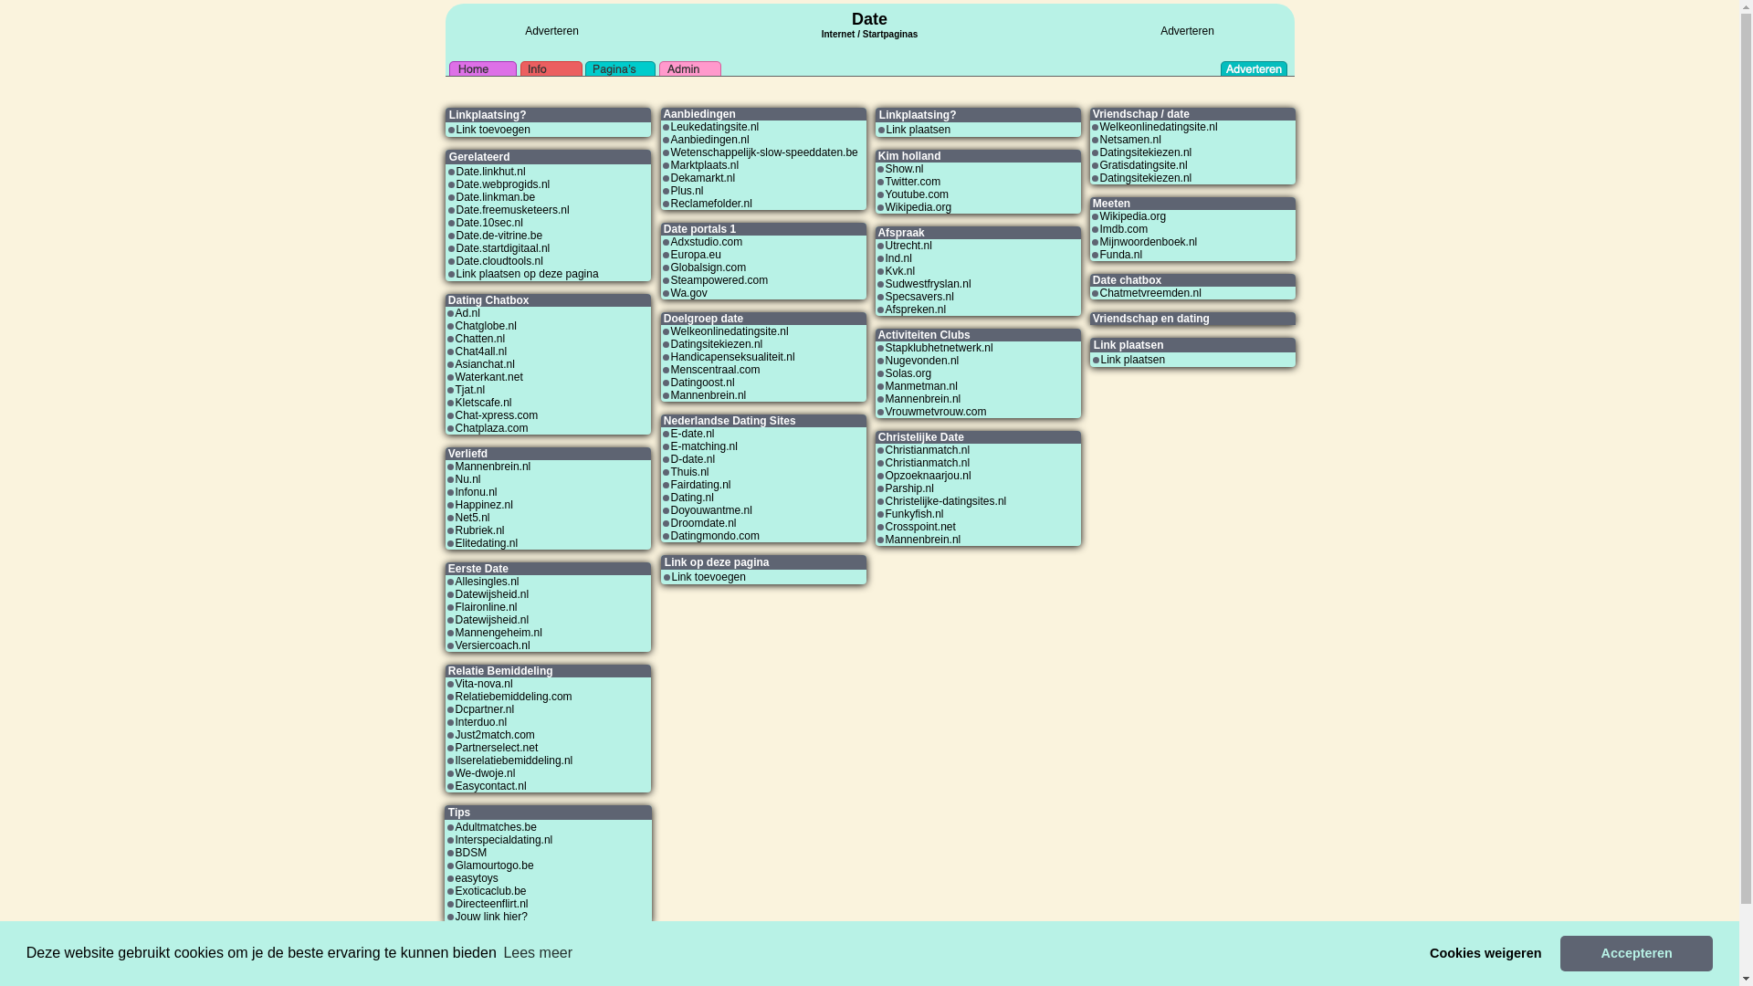 The image size is (1753, 986). What do you see at coordinates (512, 760) in the screenshot?
I see `'Ilserelatiebemiddeling.nl'` at bounding box center [512, 760].